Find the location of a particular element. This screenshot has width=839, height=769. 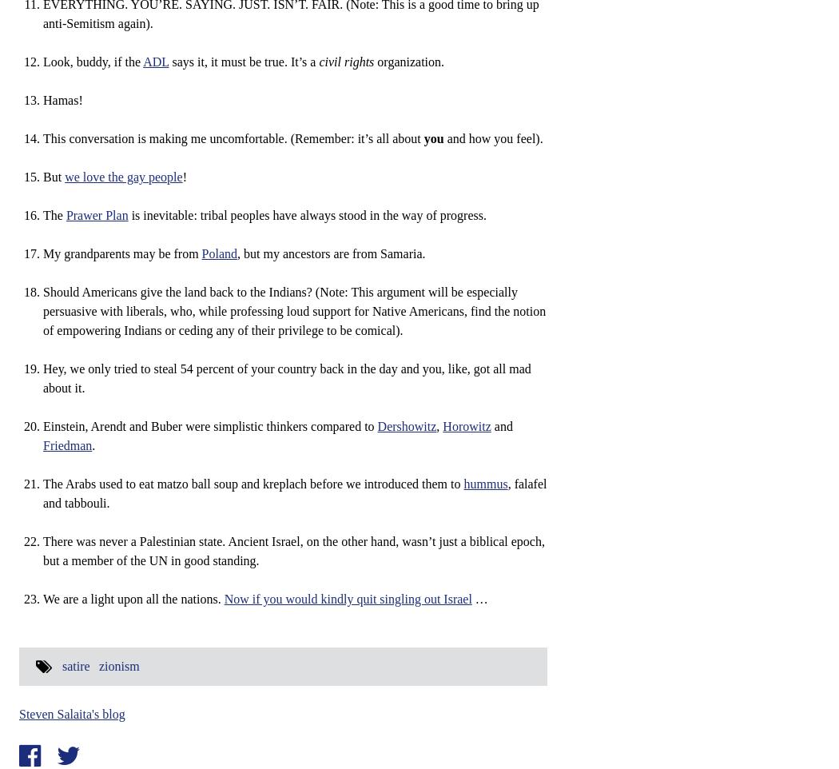

'is inevitable: tribal peoples have always stood in the way of progress.' is located at coordinates (128, 215).